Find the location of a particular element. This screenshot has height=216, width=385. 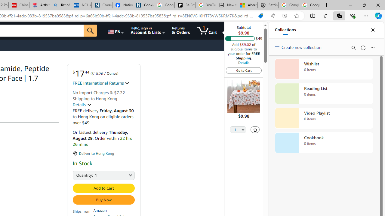

'Restore' is located at coordinates (364, 5).